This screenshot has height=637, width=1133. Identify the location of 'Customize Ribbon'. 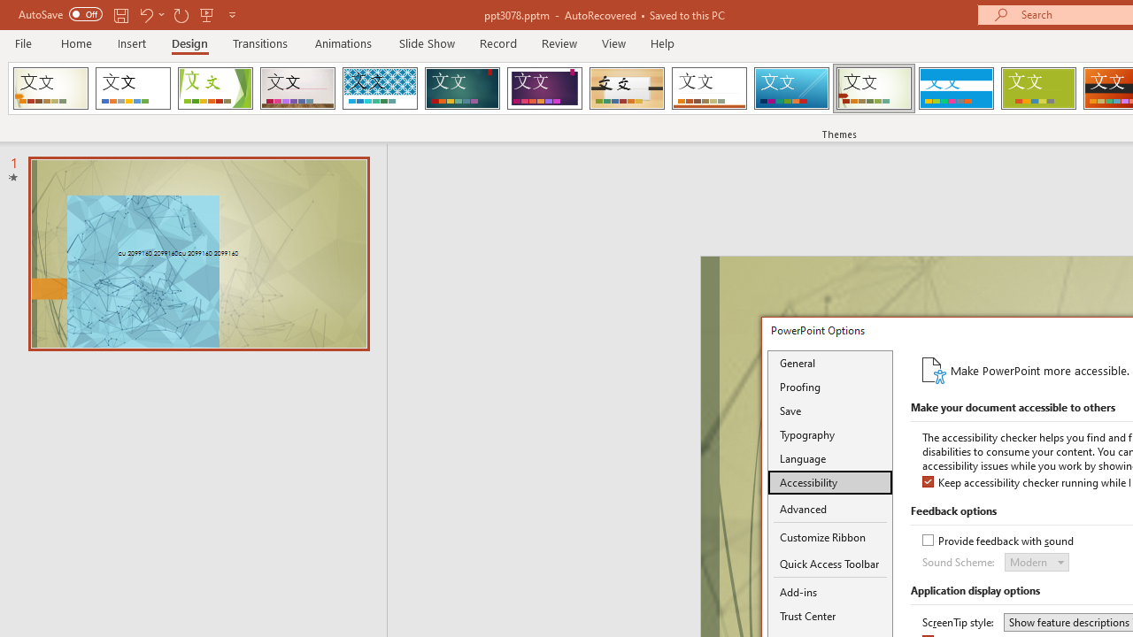
(829, 536).